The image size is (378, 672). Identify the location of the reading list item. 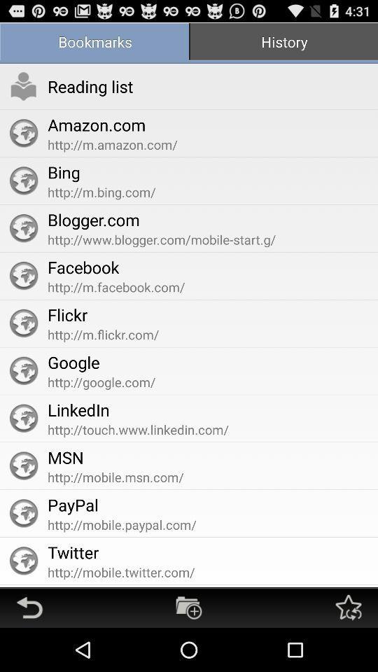
(90, 85).